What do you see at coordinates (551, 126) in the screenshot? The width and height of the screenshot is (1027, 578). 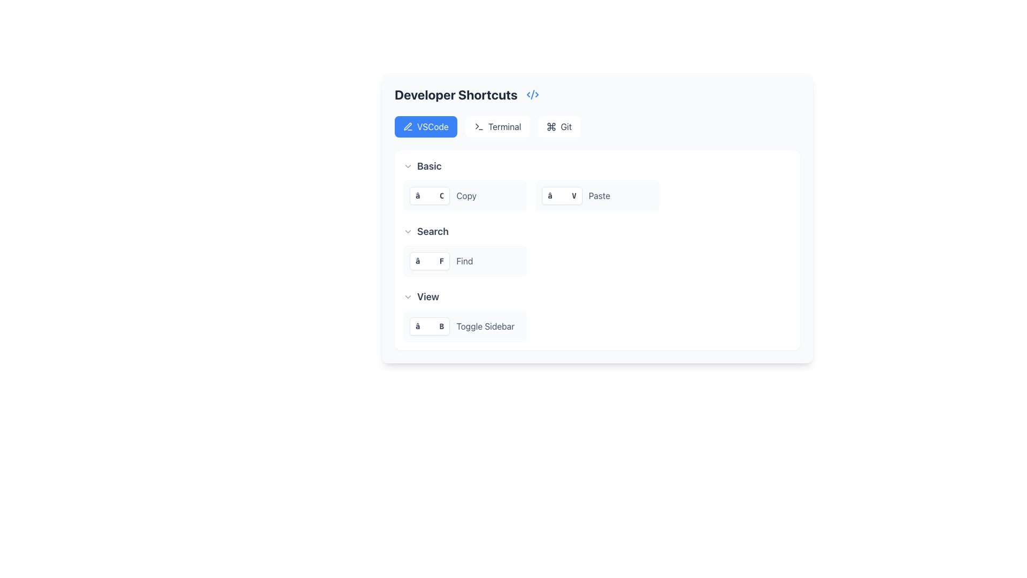 I see `the icon in the header or toolbar area` at bounding box center [551, 126].